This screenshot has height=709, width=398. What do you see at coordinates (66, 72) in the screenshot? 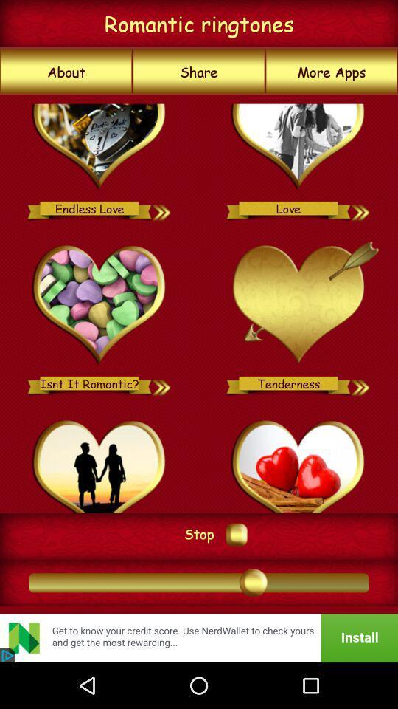
I see `icon to the left of the share` at bounding box center [66, 72].